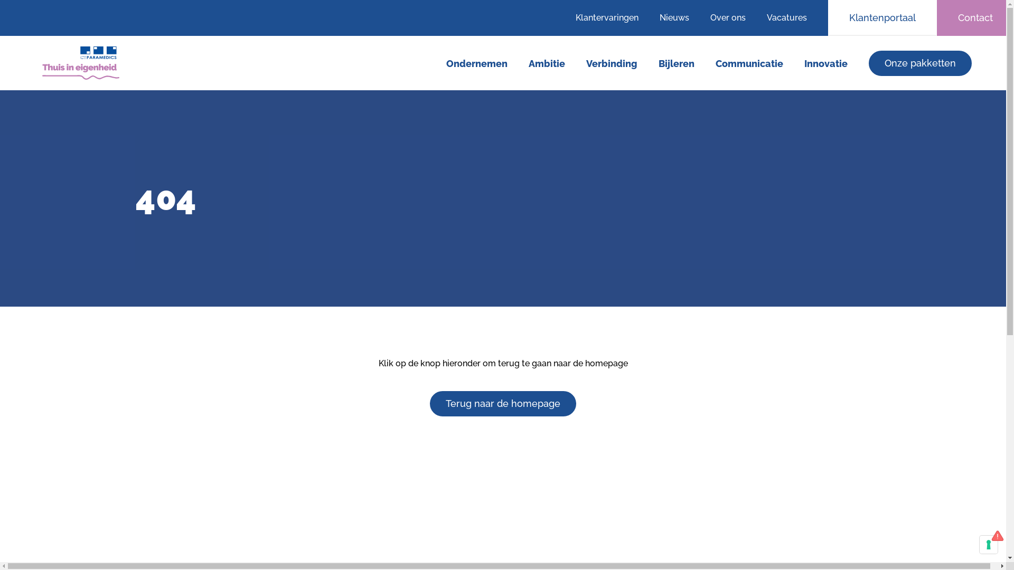  What do you see at coordinates (727, 18) in the screenshot?
I see `'Over ons'` at bounding box center [727, 18].